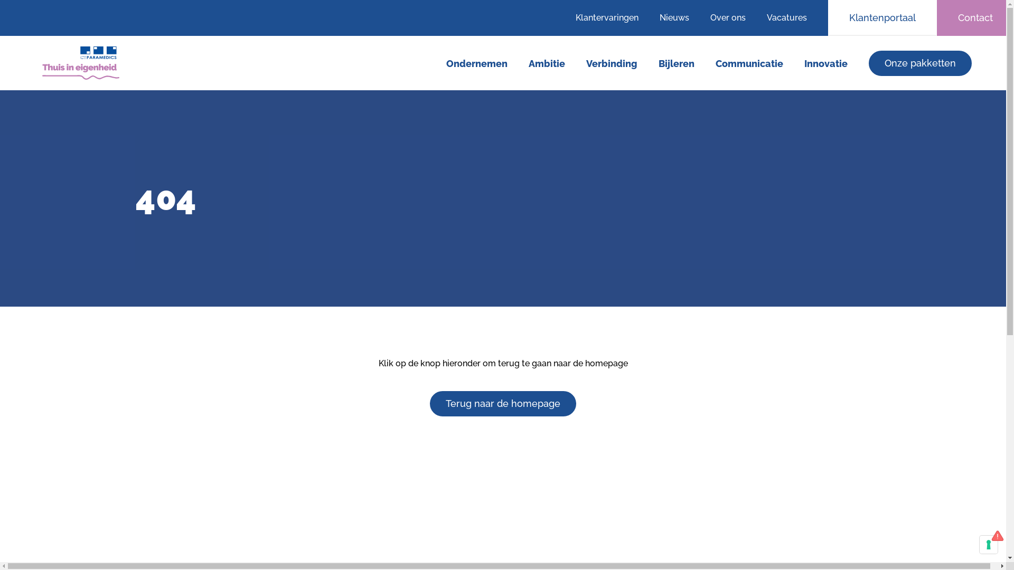  What do you see at coordinates (727, 18) in the screenshot?
I see `'Over ons'` at bounding box center [727, 18].